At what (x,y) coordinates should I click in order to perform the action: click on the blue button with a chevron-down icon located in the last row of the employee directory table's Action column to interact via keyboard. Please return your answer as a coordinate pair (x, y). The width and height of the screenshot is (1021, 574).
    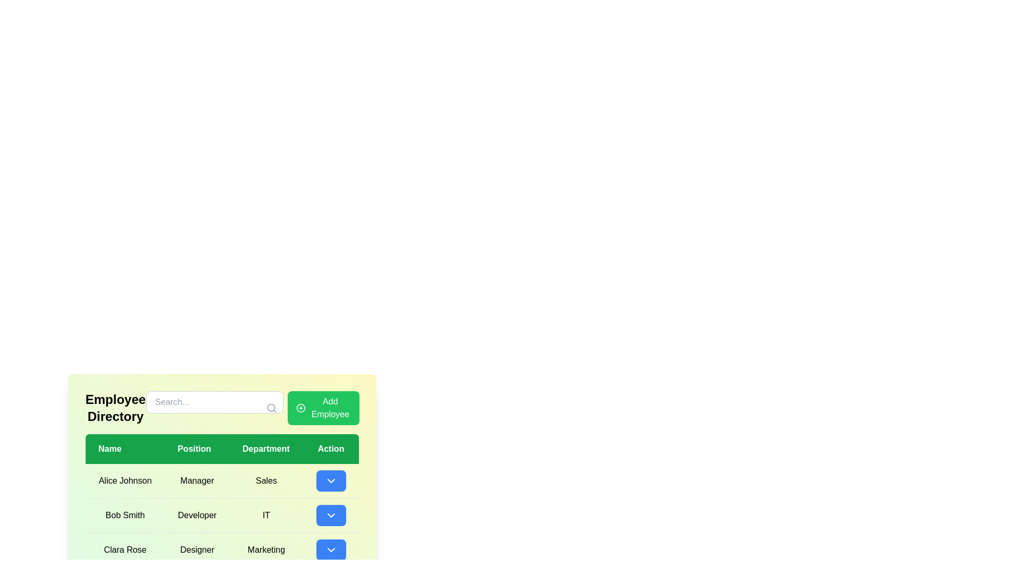
    Looking at the image, I should click on (330, 550).